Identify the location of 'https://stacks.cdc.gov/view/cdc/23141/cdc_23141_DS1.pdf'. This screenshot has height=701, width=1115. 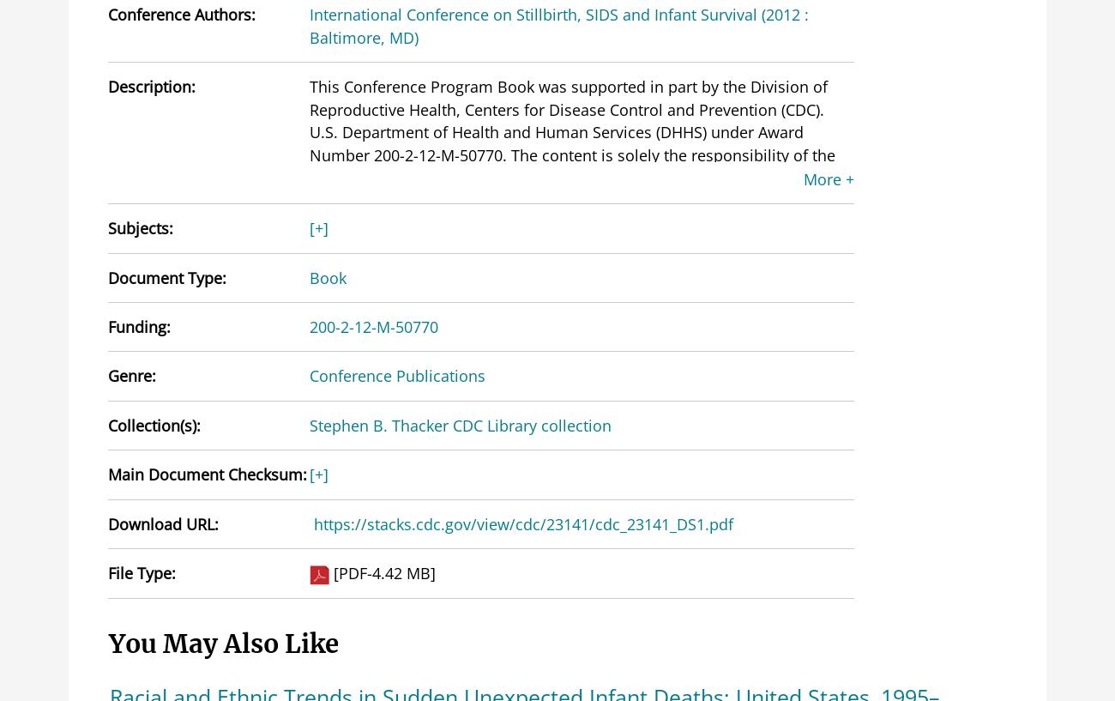
(522, 523).